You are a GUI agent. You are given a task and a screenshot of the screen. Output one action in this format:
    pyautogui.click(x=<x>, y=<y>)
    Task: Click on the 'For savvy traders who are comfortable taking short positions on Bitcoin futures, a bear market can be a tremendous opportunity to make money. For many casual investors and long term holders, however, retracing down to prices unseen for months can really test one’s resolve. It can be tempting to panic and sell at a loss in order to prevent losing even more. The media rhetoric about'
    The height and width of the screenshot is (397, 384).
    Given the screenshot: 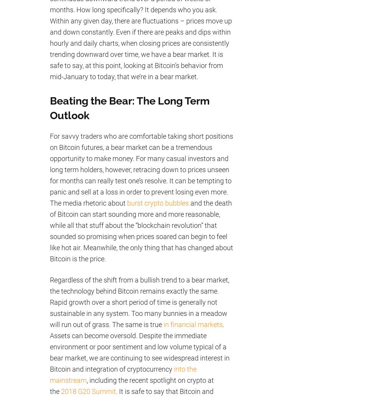 What is the action you would take?
    pyautogui.click(x=141, y=169)
    